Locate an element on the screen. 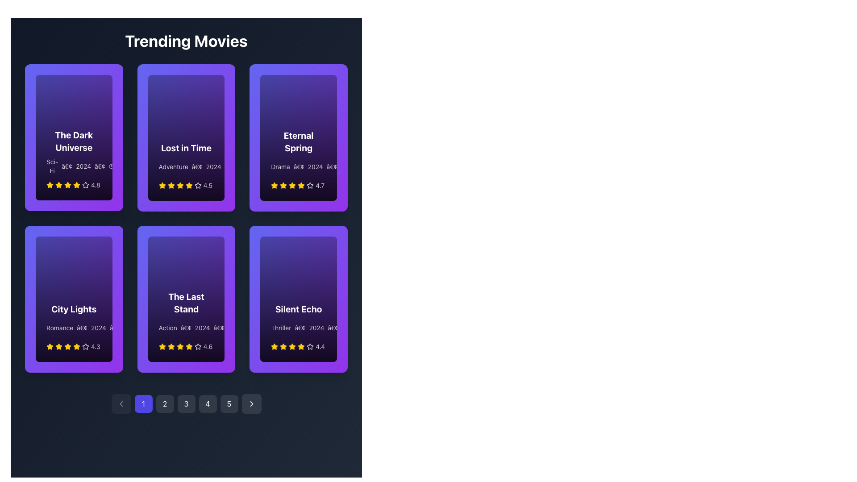 Image resolution: width=857 pixels, height=482 pixels. the fifth star icon in the rating scale for the 'Eternal Spring' card located in the 'Trending Movies' section is located at coordinates (310, 185).